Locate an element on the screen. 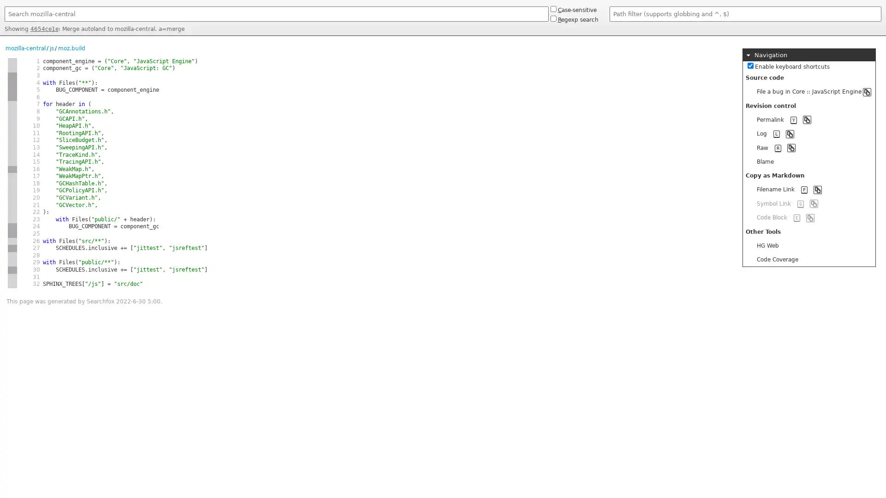 This screenshot has width=886, height=498. new hash 1 is located at coordinates (12, 248).